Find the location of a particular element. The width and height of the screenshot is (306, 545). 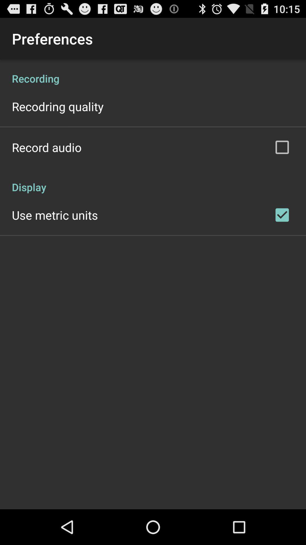

recording icon is located at coordinates (153, 72).